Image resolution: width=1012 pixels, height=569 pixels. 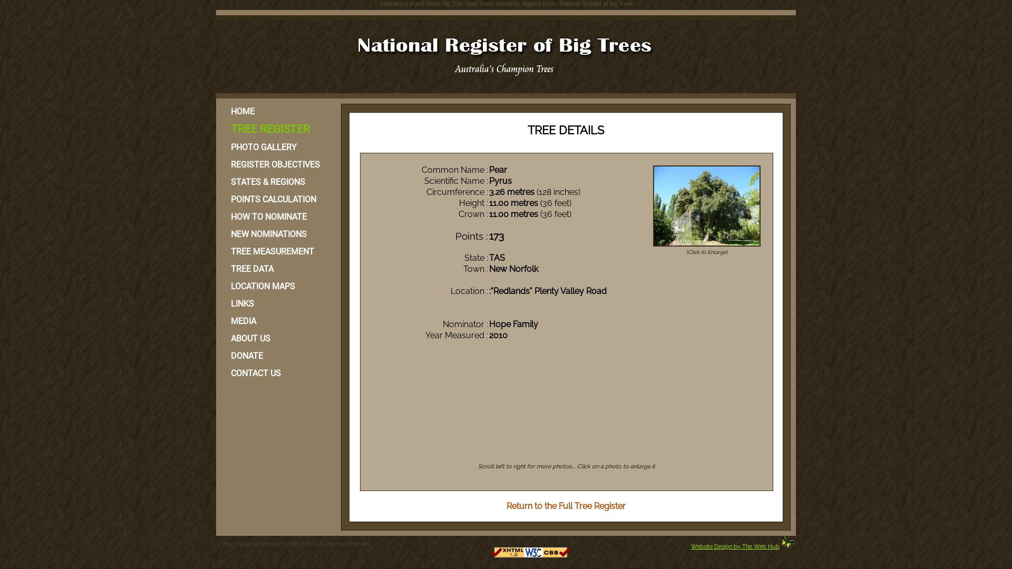 I want to click on 'REGISTER OBJECTIVES', so click(x=277, y=164).